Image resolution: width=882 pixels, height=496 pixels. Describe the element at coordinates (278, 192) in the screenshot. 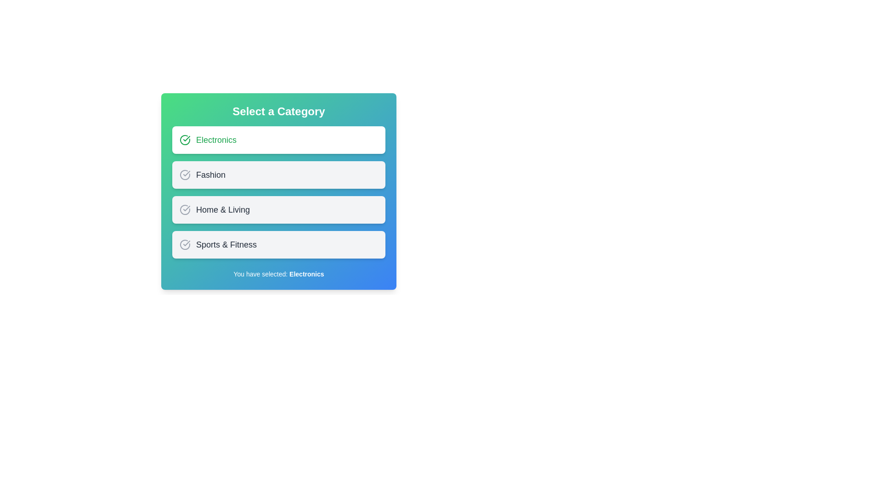

I see `the second card in the vertically-stacked group of selectable cards representing categories` at that location.